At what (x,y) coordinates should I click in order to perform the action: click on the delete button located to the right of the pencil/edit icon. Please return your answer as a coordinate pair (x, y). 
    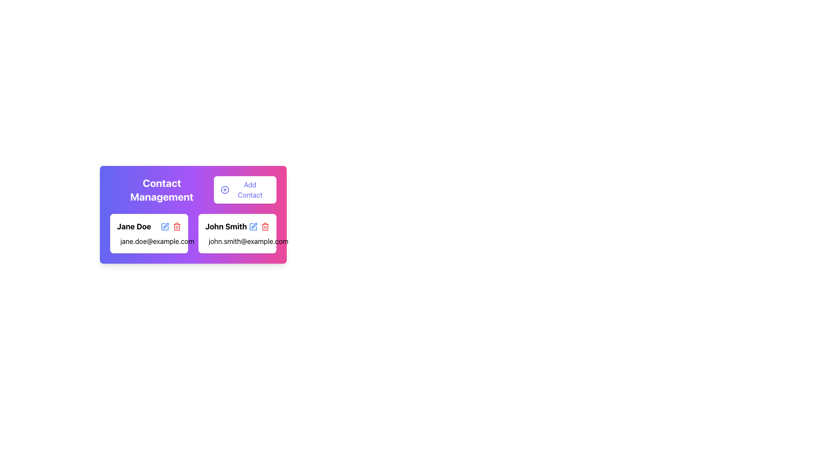
    Looking at the image, I should click on (265, 226).